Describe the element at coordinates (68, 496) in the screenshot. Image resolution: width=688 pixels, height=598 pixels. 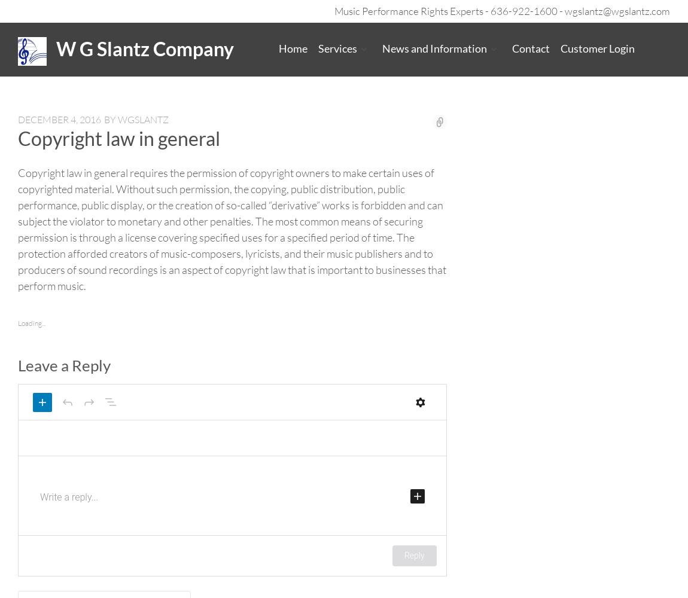
I see `'Write a reply...'` at that location.